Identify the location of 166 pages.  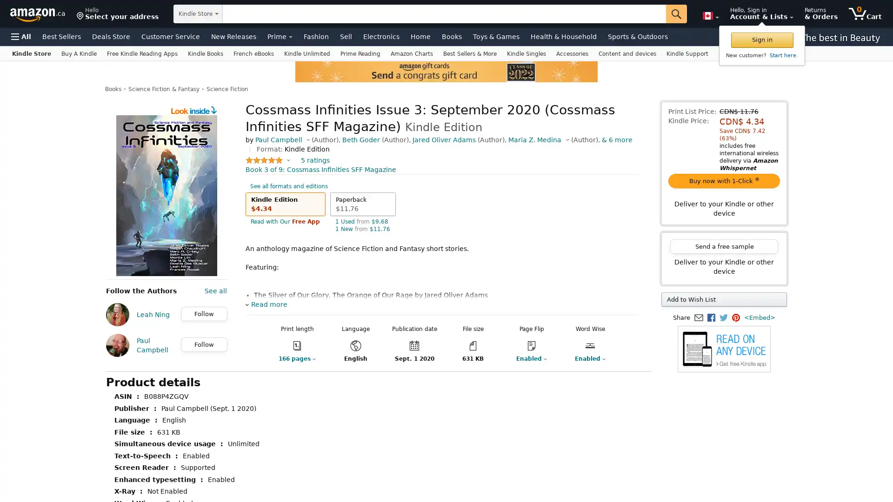
(296, 358).